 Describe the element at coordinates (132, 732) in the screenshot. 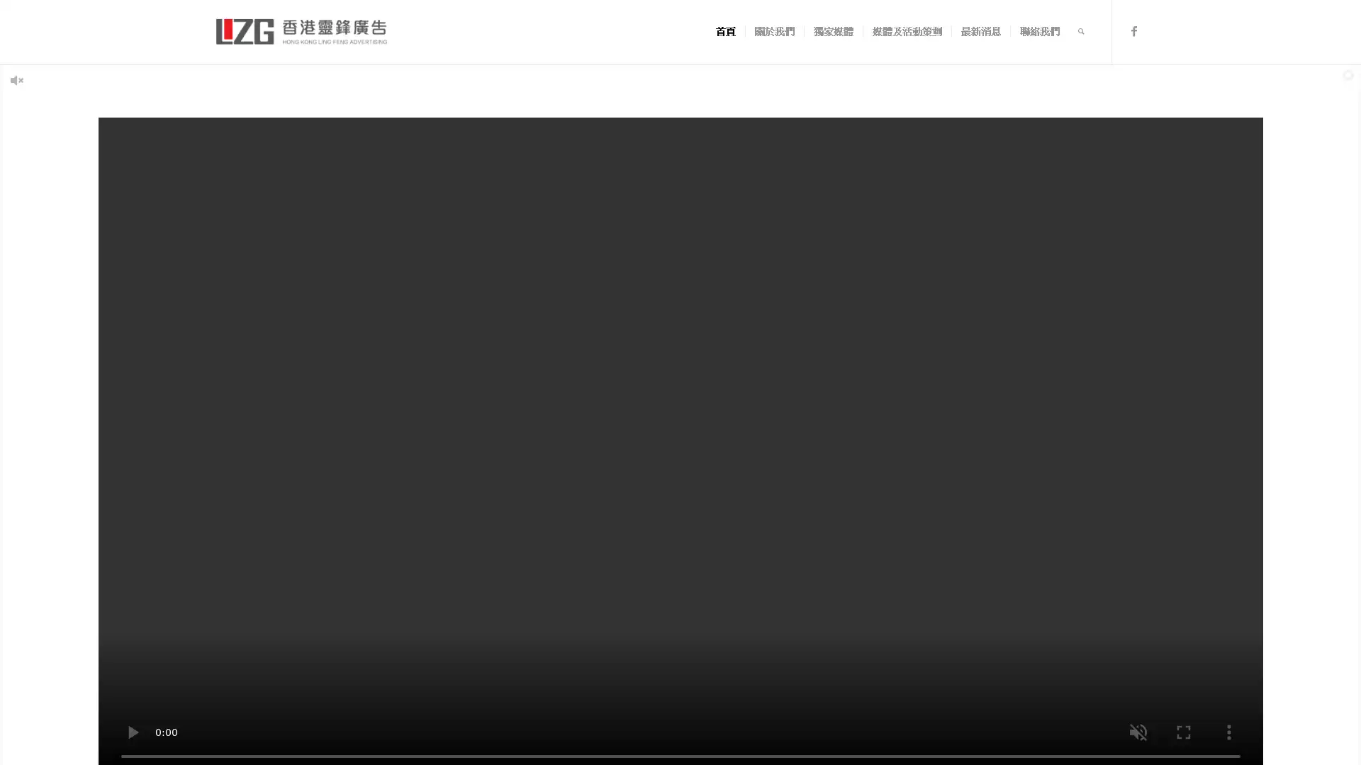

I see `pause` at that location.